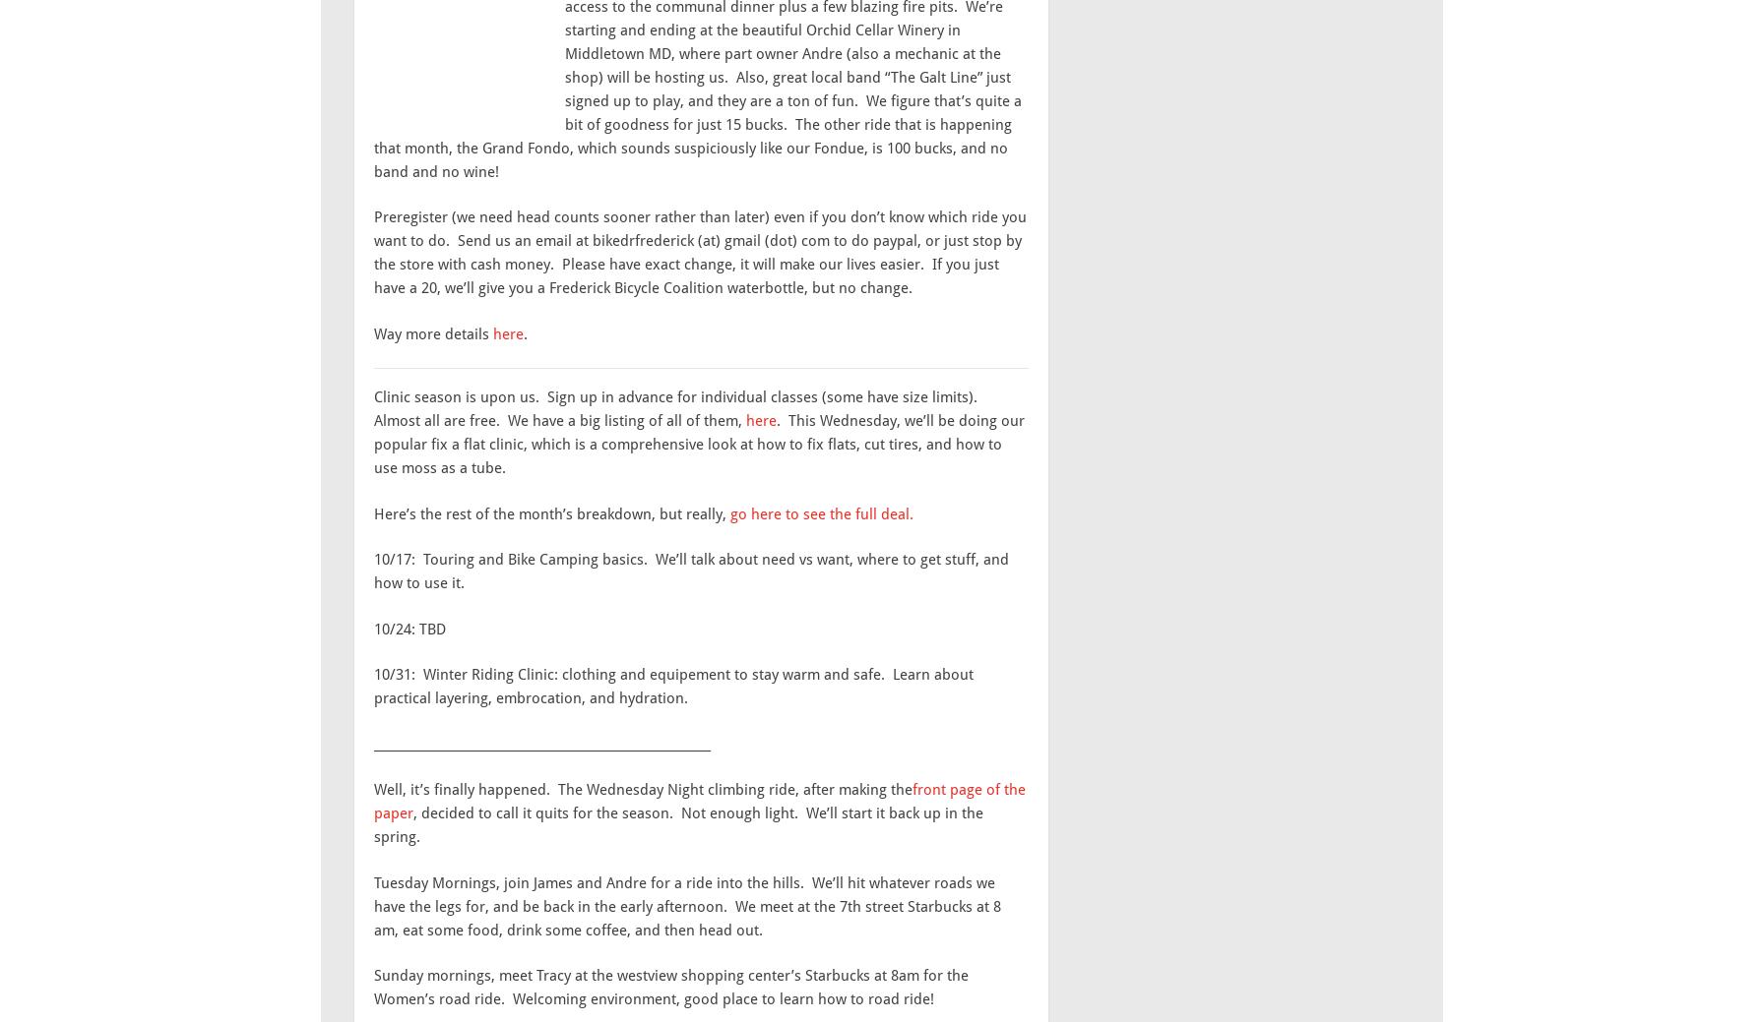  What do you see at coordinates (673, 686) in the screenshot?
I see `'10/31:  Winter Riding Clinic: clothing and equipement to stay warm and safe.  Learn about practical layering, embrocation, and hydration.'` at bounding box center [673, 686].